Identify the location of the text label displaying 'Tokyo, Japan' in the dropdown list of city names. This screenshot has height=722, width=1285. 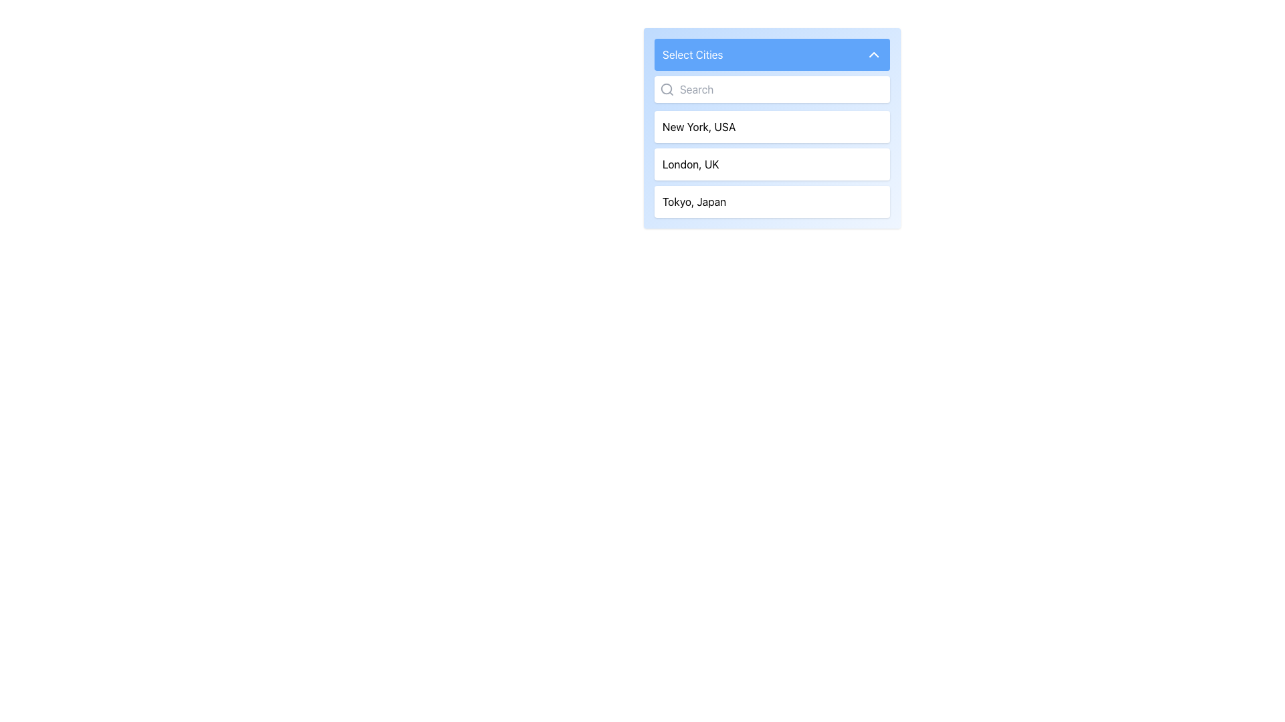
(694, 201).